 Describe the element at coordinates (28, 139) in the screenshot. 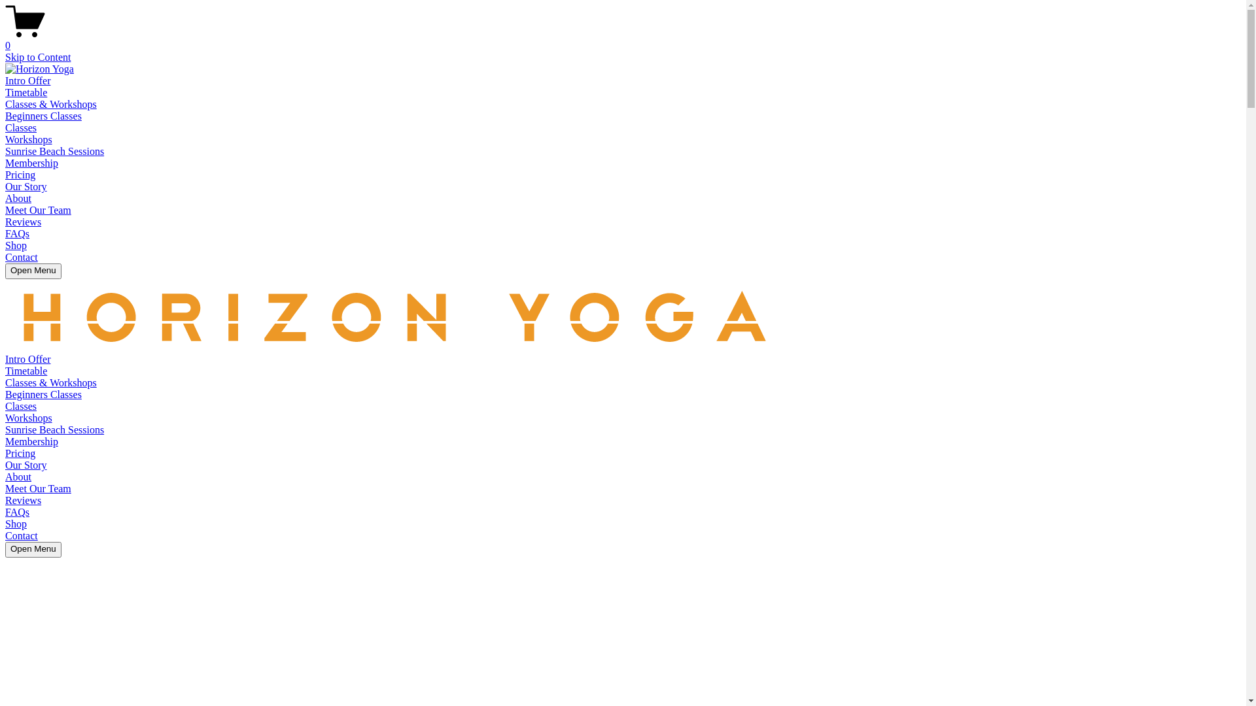

I see `'Workshops'` at that location.